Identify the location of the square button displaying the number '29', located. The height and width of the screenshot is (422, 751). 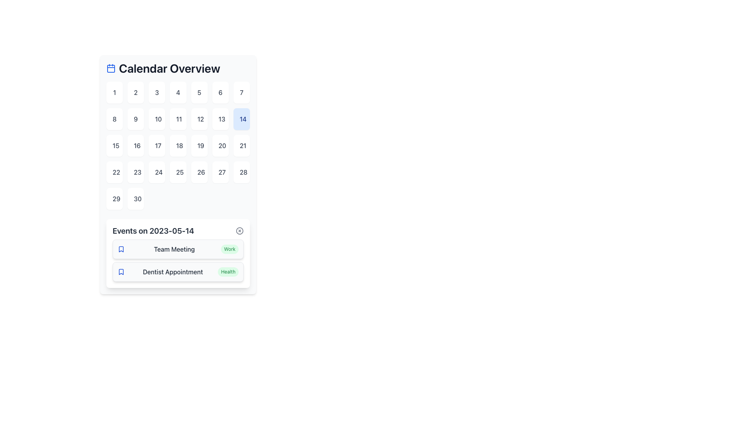
(114, 198).